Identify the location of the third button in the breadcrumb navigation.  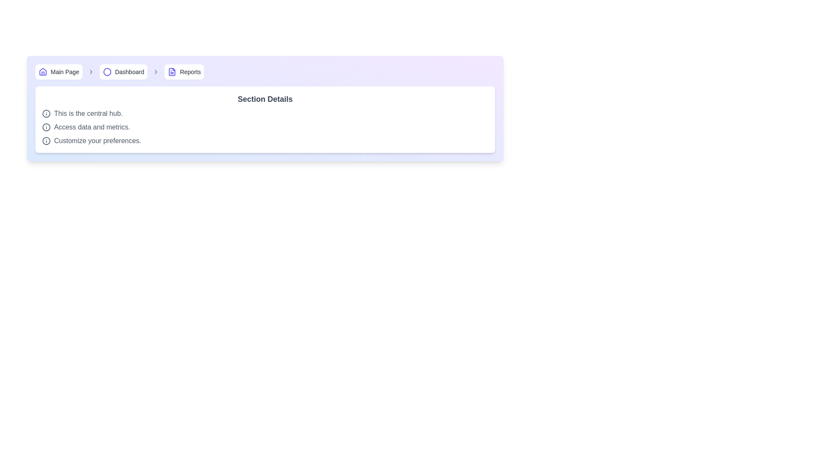
(184, 72).